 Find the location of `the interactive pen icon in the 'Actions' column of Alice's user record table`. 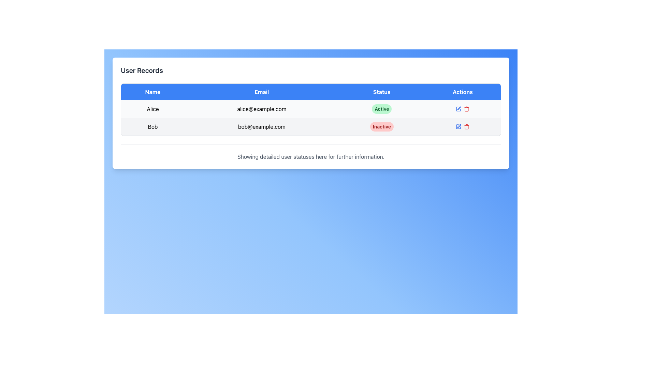

the interactive pen icon in the 'Actions' column of Alice's user record table is located at coordinates (458, 109).